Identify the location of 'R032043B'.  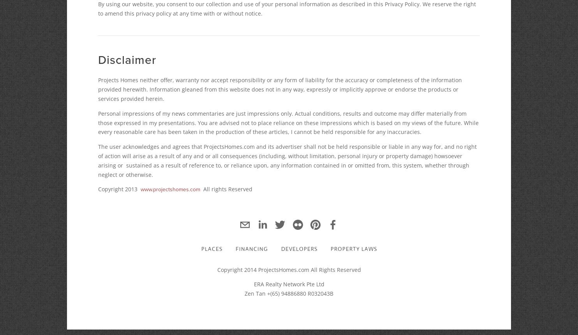
(321, 293).